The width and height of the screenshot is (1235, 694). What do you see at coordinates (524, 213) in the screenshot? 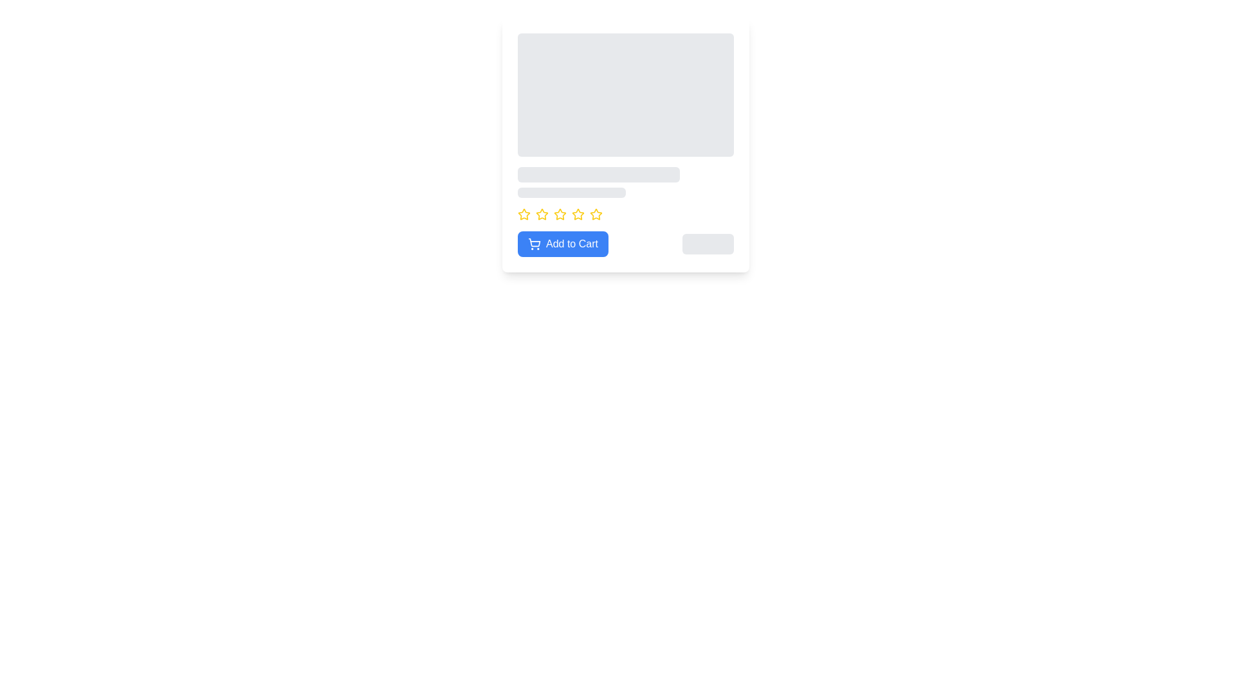
I see `the first star icon in the rating scale using keyboard navigation to focus on it for user feedback` at bounding box center [524, 213].